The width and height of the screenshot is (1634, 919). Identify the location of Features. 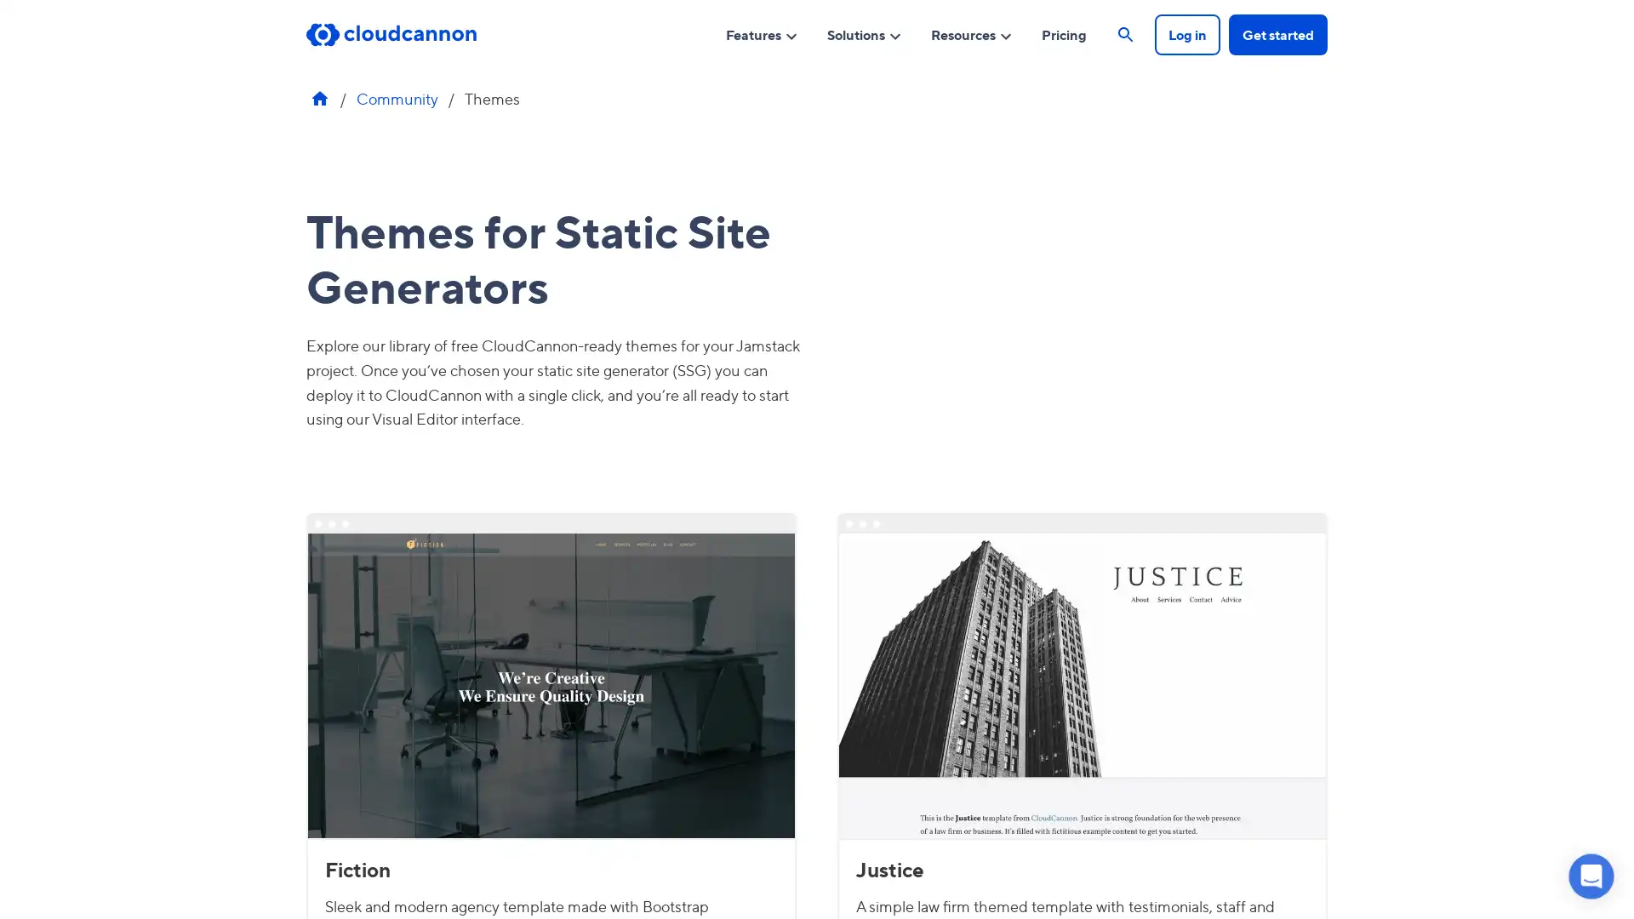
(761, 33).